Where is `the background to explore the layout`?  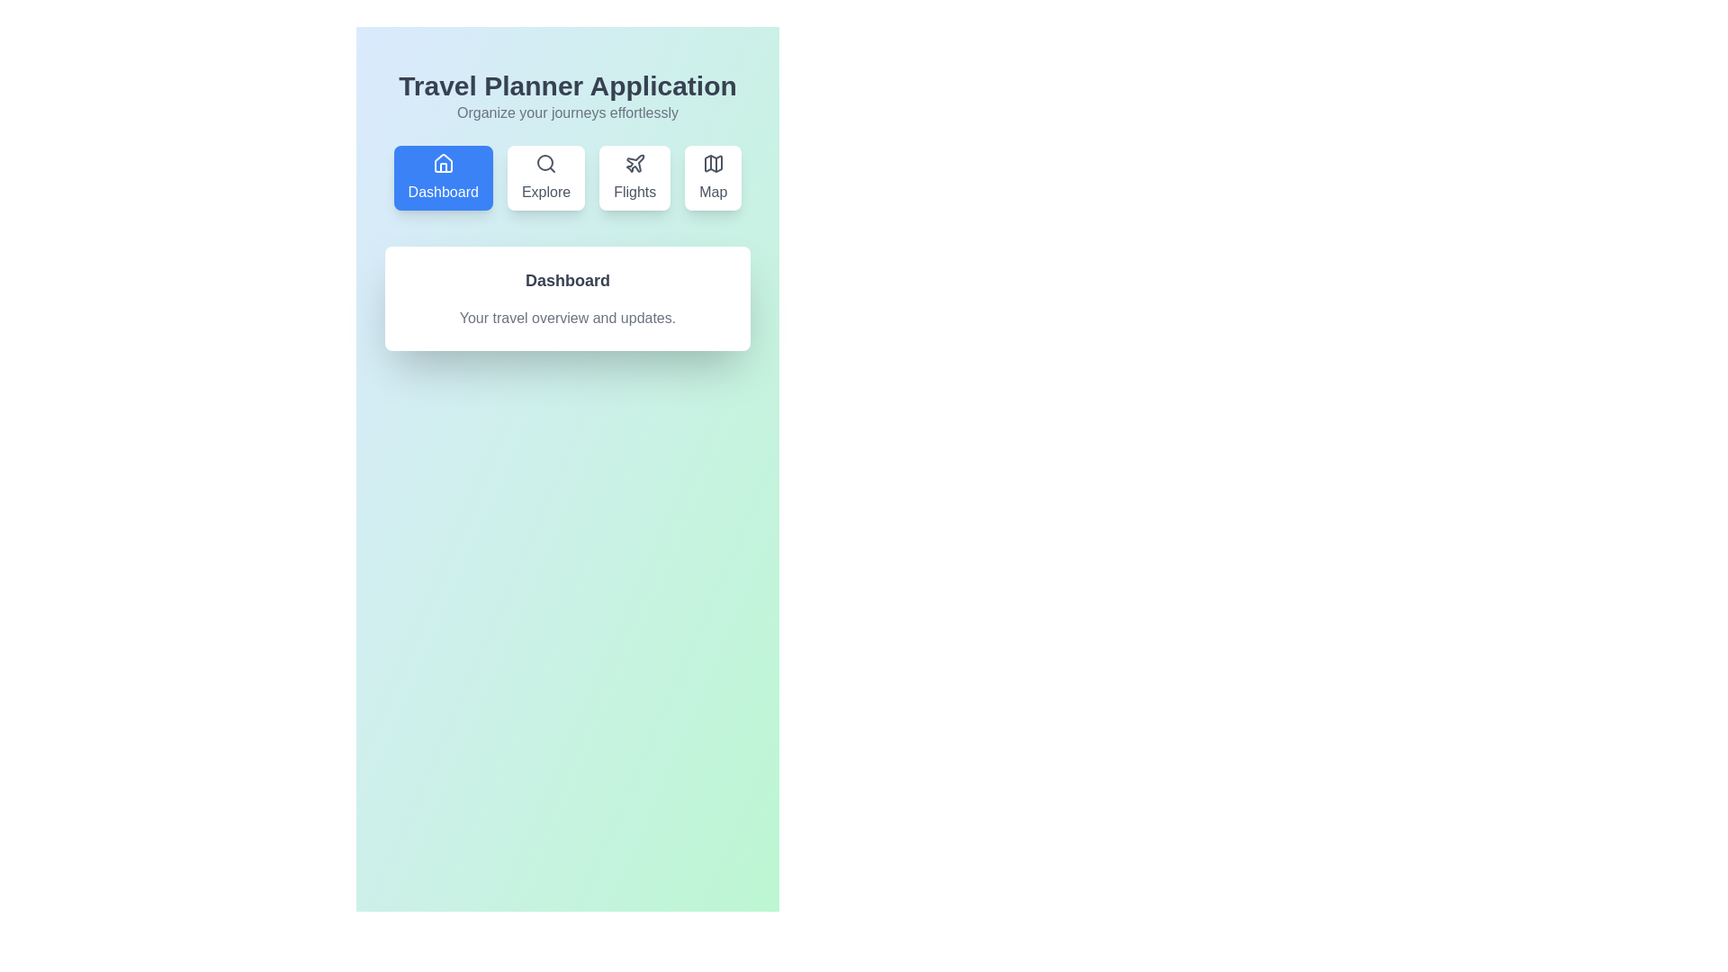 the background to explore the layout is located at coordinates (690, 513).